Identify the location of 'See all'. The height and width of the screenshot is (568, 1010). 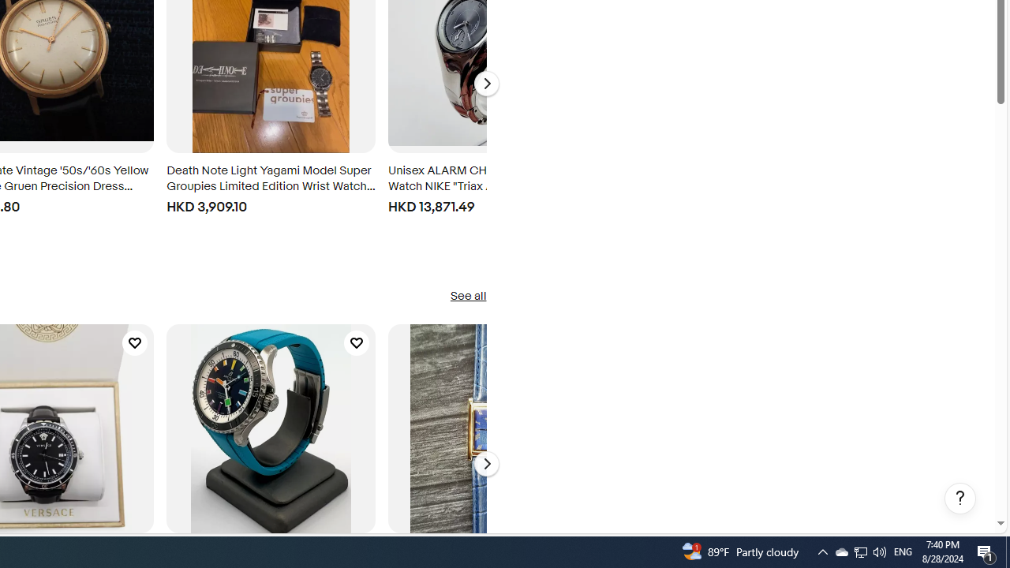
(467, 297).